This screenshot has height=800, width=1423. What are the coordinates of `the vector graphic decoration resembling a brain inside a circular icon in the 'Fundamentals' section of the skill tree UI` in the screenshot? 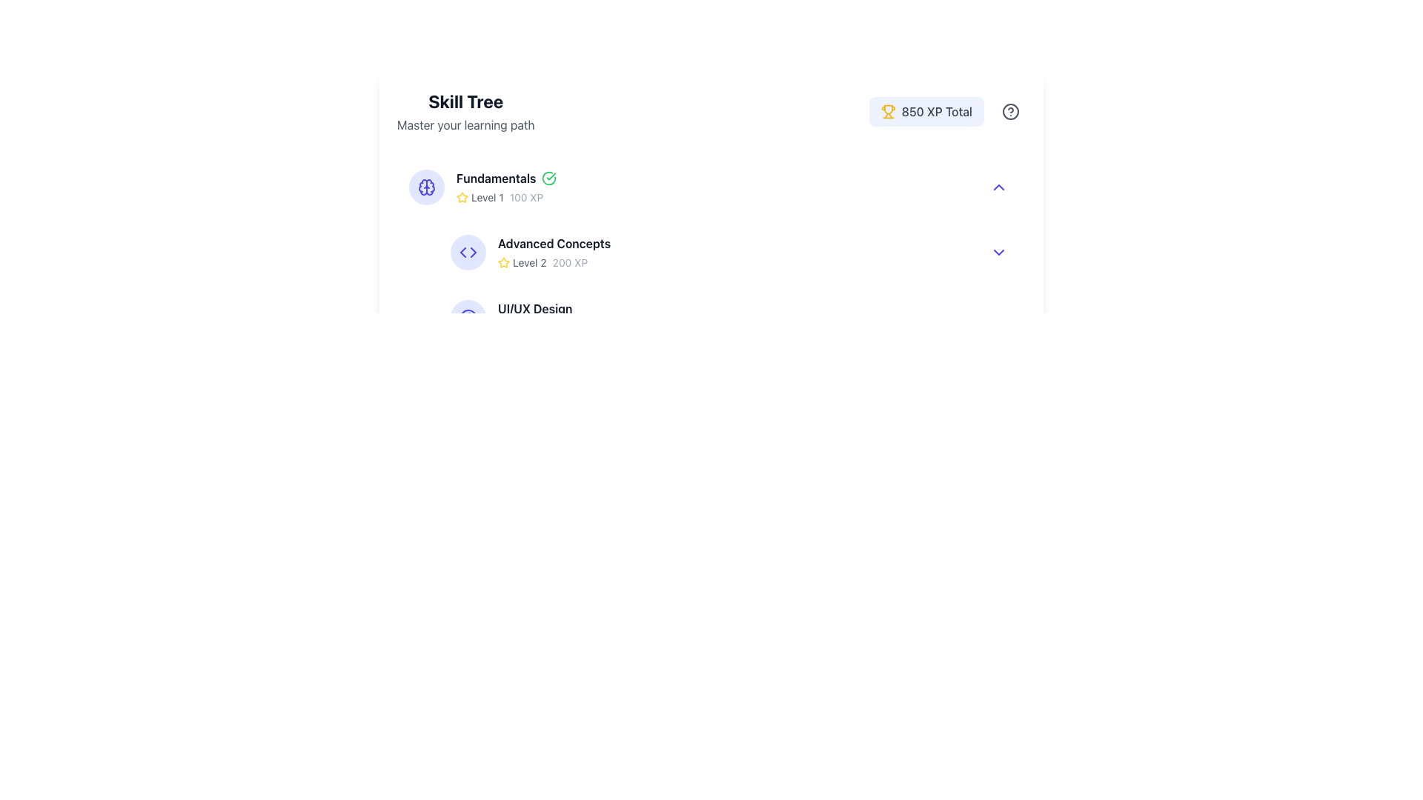 It's located at (422, 187).